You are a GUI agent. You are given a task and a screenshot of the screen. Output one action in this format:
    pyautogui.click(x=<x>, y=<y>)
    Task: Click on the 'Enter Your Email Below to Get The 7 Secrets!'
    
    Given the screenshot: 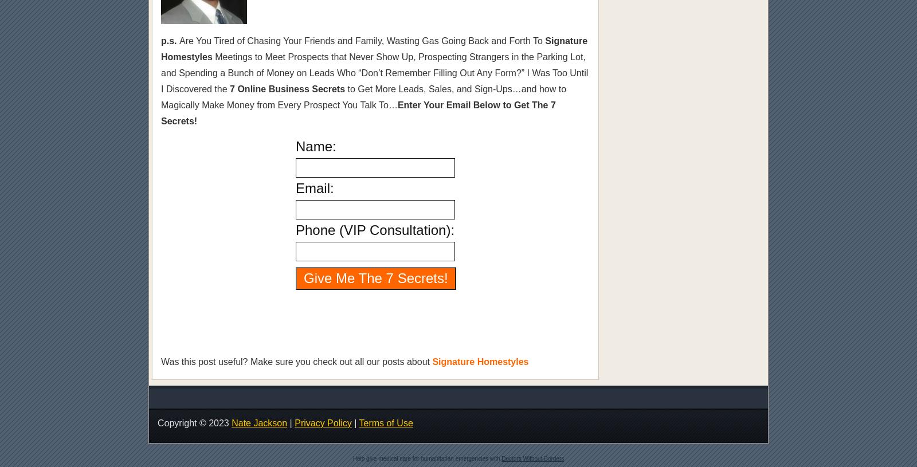 What is the action you would take?
    pyautogui.click(x=358, y=113)
    